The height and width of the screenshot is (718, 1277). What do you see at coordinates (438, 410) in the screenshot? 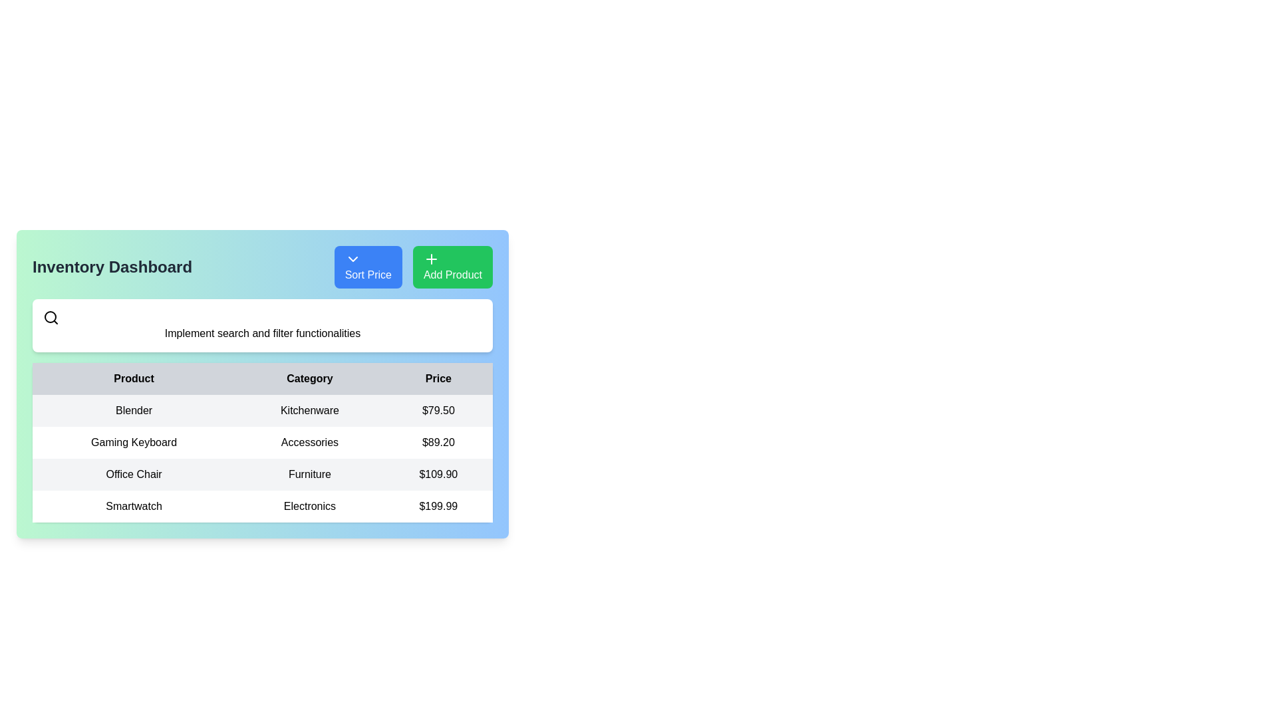
I see `price displayed in the text label located in the third column of the first row under the 'Price' column header` at bounding box center [438, 410].